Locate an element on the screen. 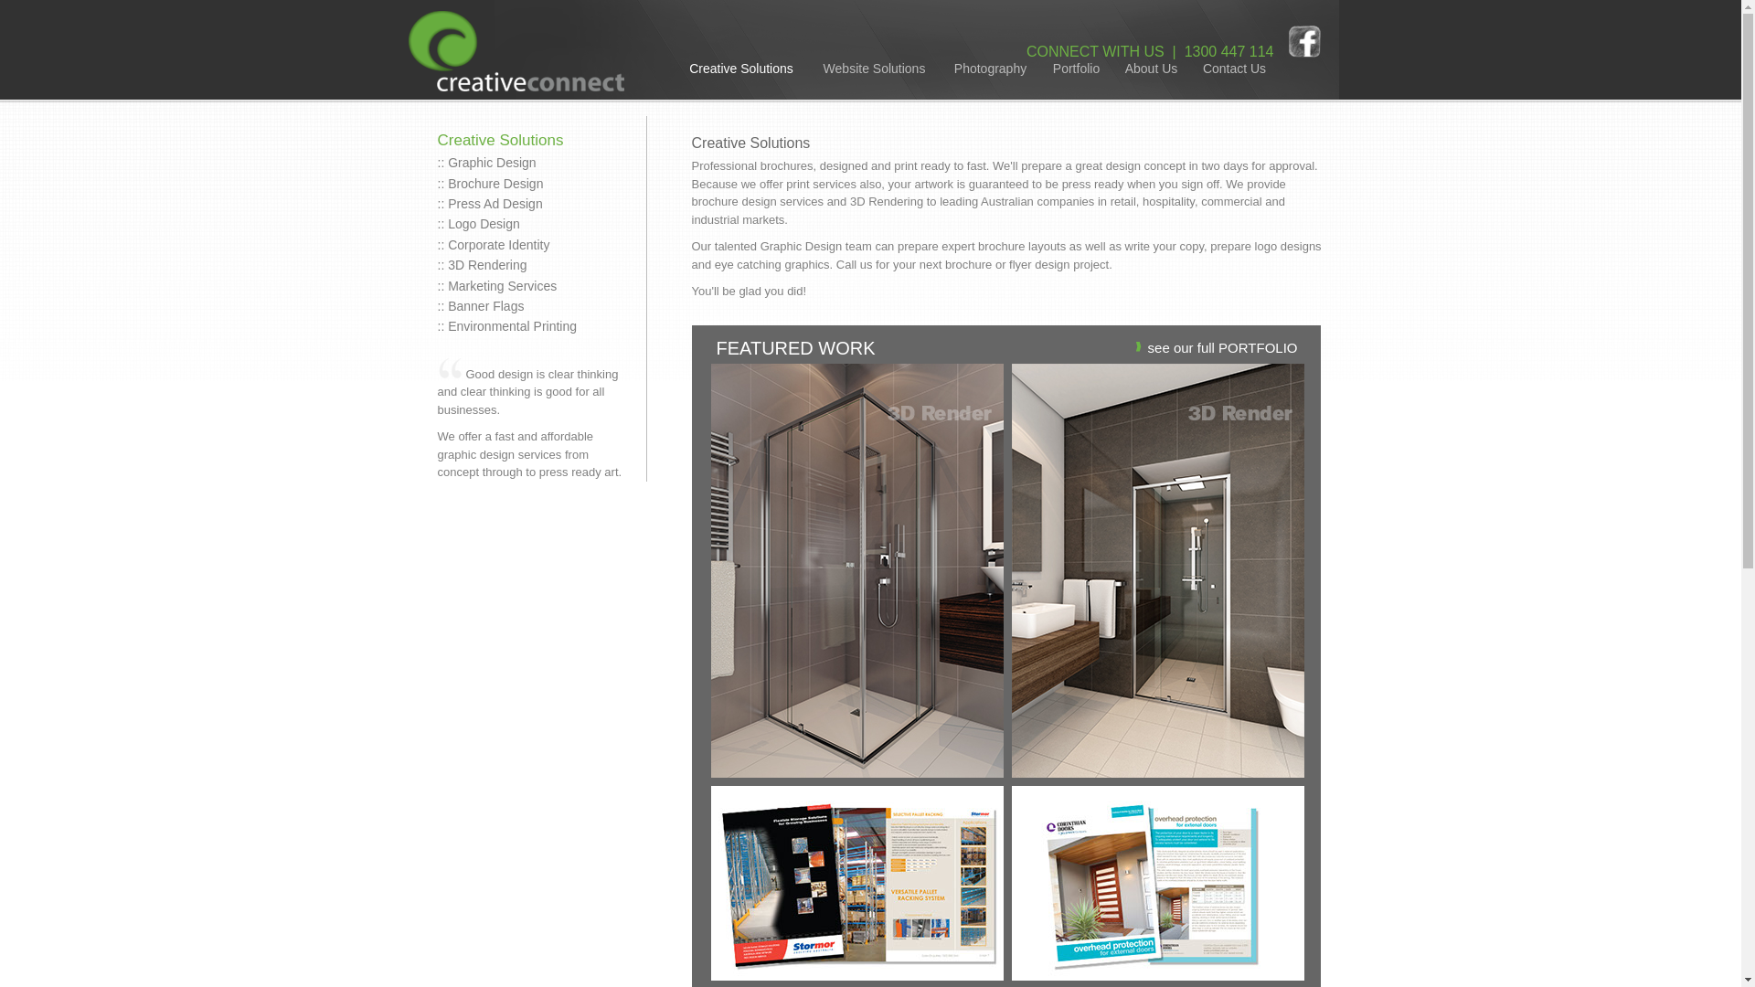 The height and width of the screenshot is (987, 1755). ':: Corporate Identity' is located at coordinates (493, 243).